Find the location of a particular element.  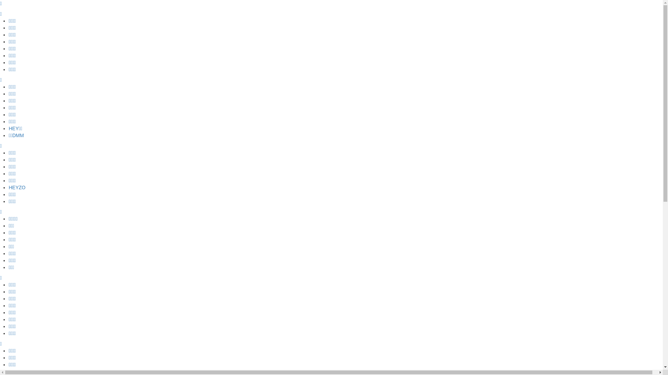

'HEYZO' is located at coordinates (17, 187).